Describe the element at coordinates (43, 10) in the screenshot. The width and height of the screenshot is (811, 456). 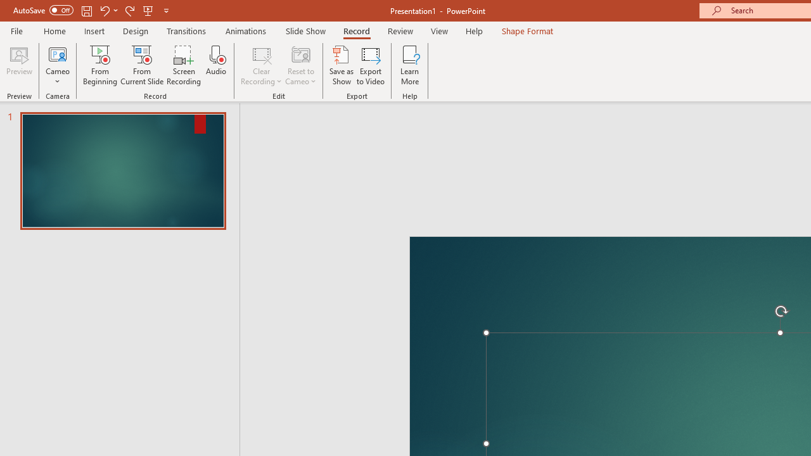
I see `'AutoSave'` at that location.